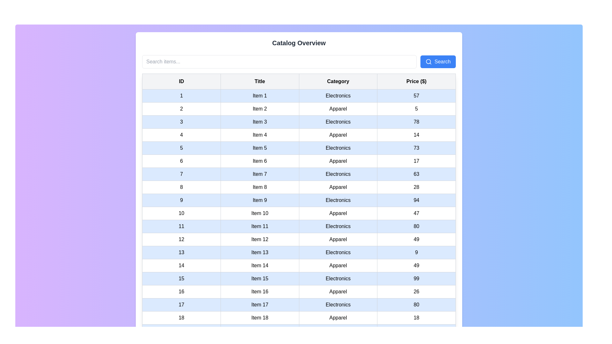 The height and width of the screenshot is (344, 612). Describe the element at coordinates (260, 304) in the screenshot. I see `the table cell containing the text 'Item 17', which is styled with a blue background and is the second cell in the row labeled '17'` at that location.